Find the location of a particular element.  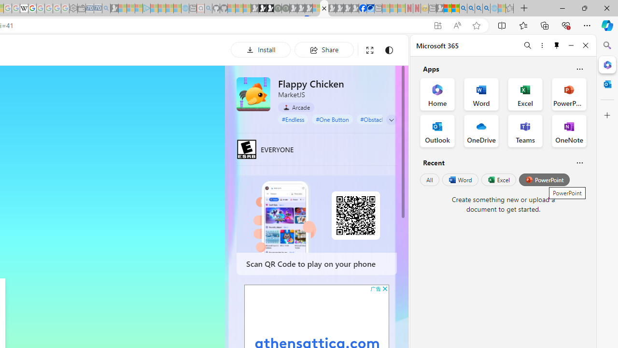

'Share' is located at coordinates (324, 49).